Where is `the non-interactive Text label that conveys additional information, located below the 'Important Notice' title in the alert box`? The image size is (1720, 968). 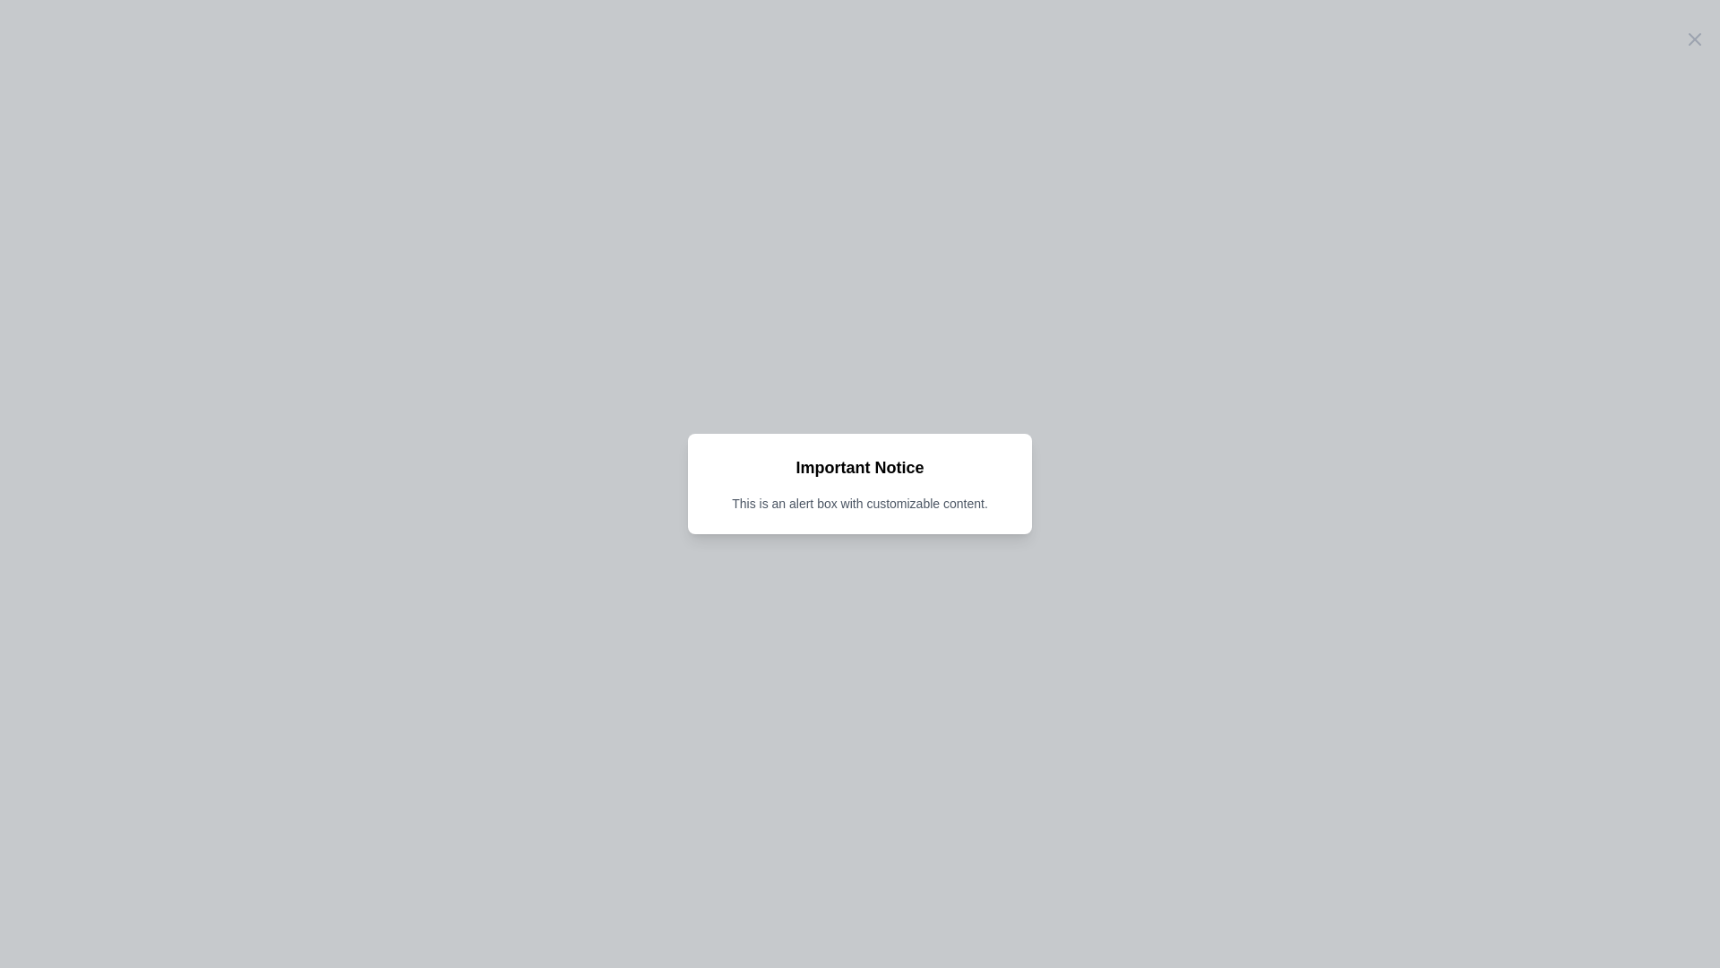
the non-interactive Text label that conveys additional information, located below the 'Important Notice' title in the alert box is located at coordinates (860, 504).